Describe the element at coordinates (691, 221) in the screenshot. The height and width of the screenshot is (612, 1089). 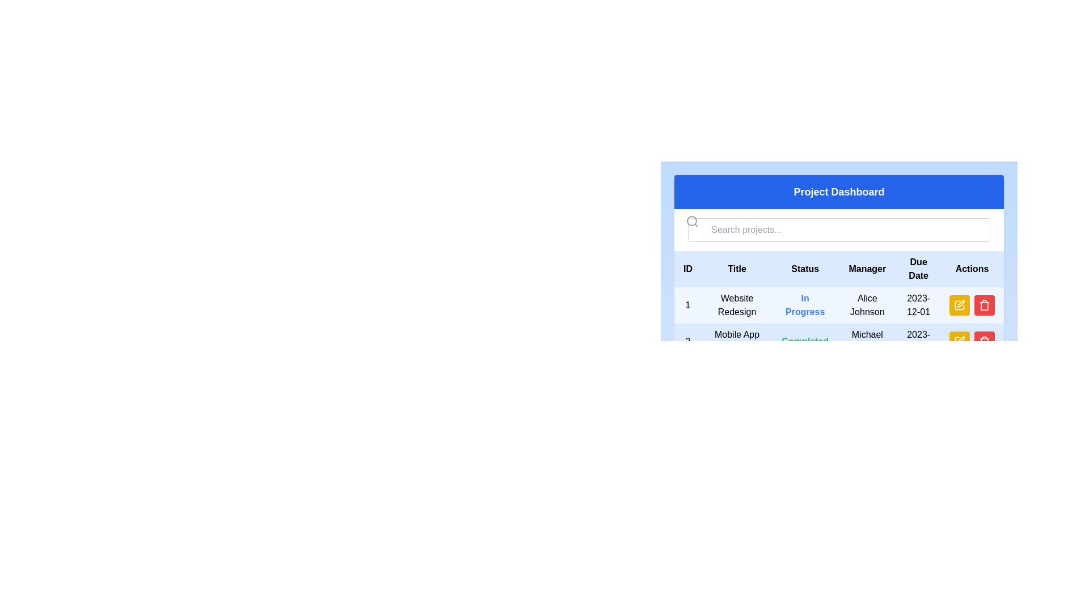
I see `the gray magnifying glass icon with a hollow circular lens and handle, located to the left of the 'Search projects...' input field, to initiate a search action` at that location.